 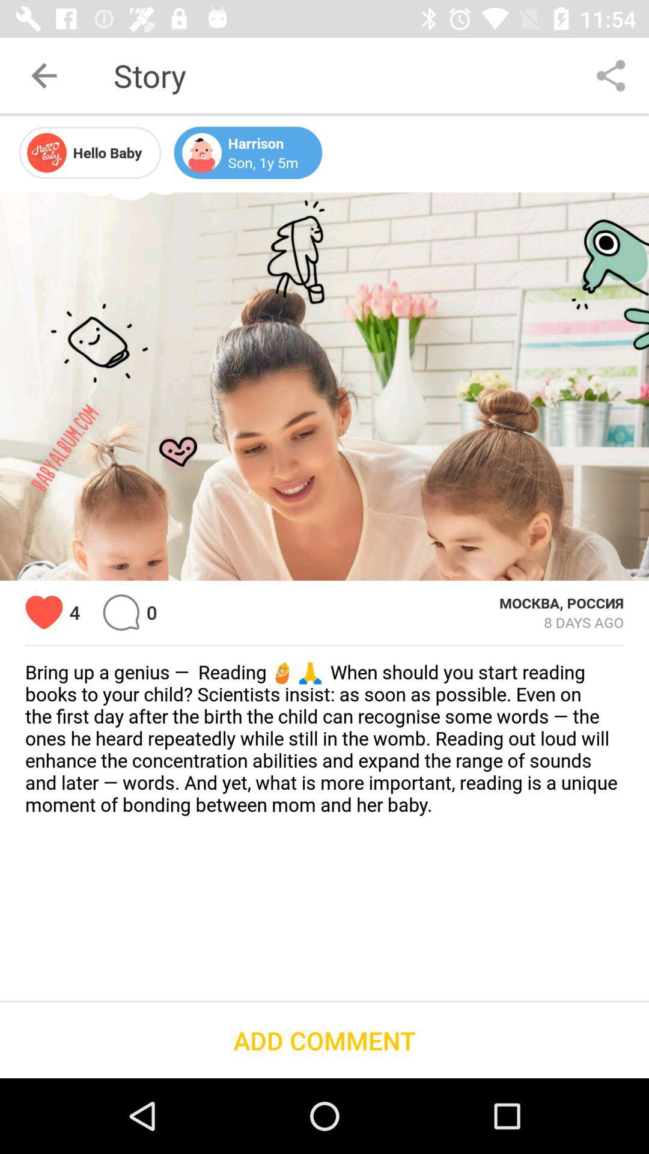 I want to click on item to the left of the 0 item, so click(x=121, y=612).